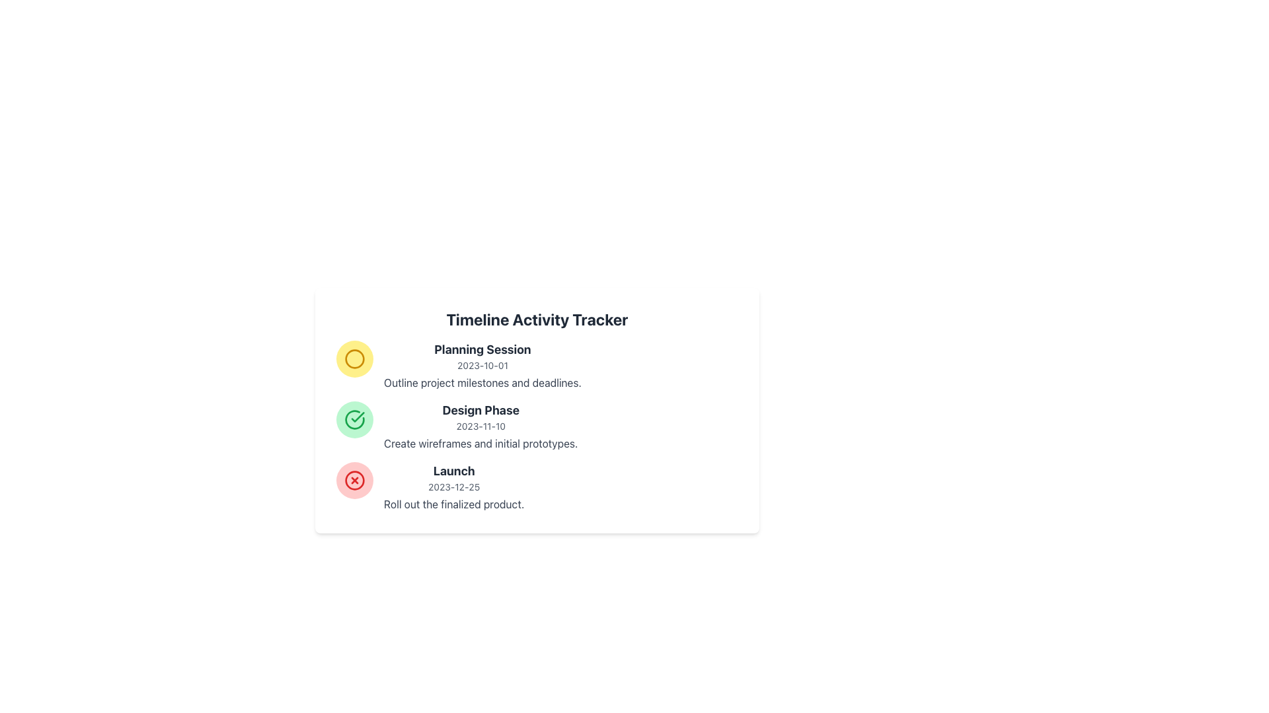 The height and width of the screenshot is (713, 1269). What do you see at coordinates (537, 426) in the screenshot?
I see `the second item in the project timeline` at bounding box center [537, 426].